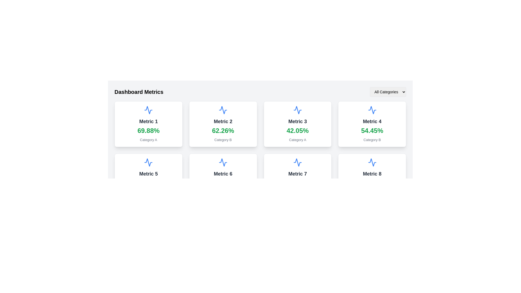 The image size is (521, 293). What do you see at coordinates (372, 110) in the screenshot?
I see `the graphical indicator icon for 'Metric 4' located in the second row, second column of the grid layout` at bounding box center [372, 110].